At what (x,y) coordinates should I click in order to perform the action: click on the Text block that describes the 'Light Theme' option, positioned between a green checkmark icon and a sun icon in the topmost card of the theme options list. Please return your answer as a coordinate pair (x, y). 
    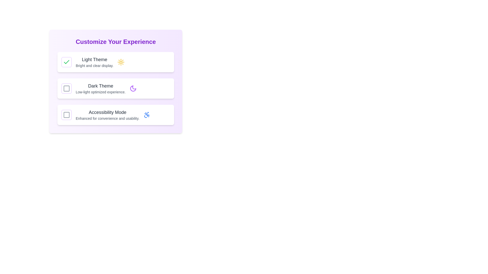
    Looking at the image, I should click on (95, 62).